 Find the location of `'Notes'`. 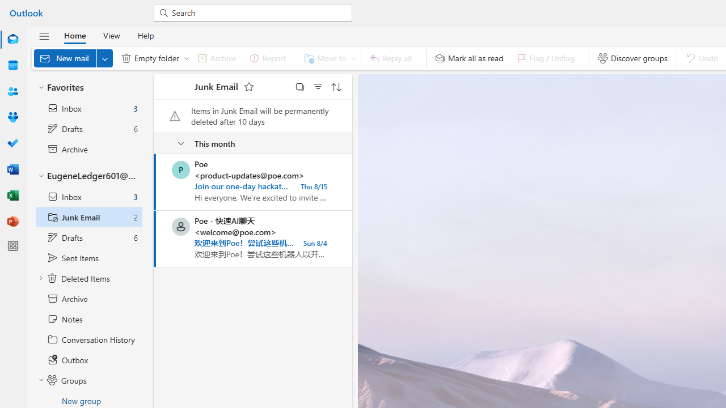

'Notes' is located at coordinates (88, 319).